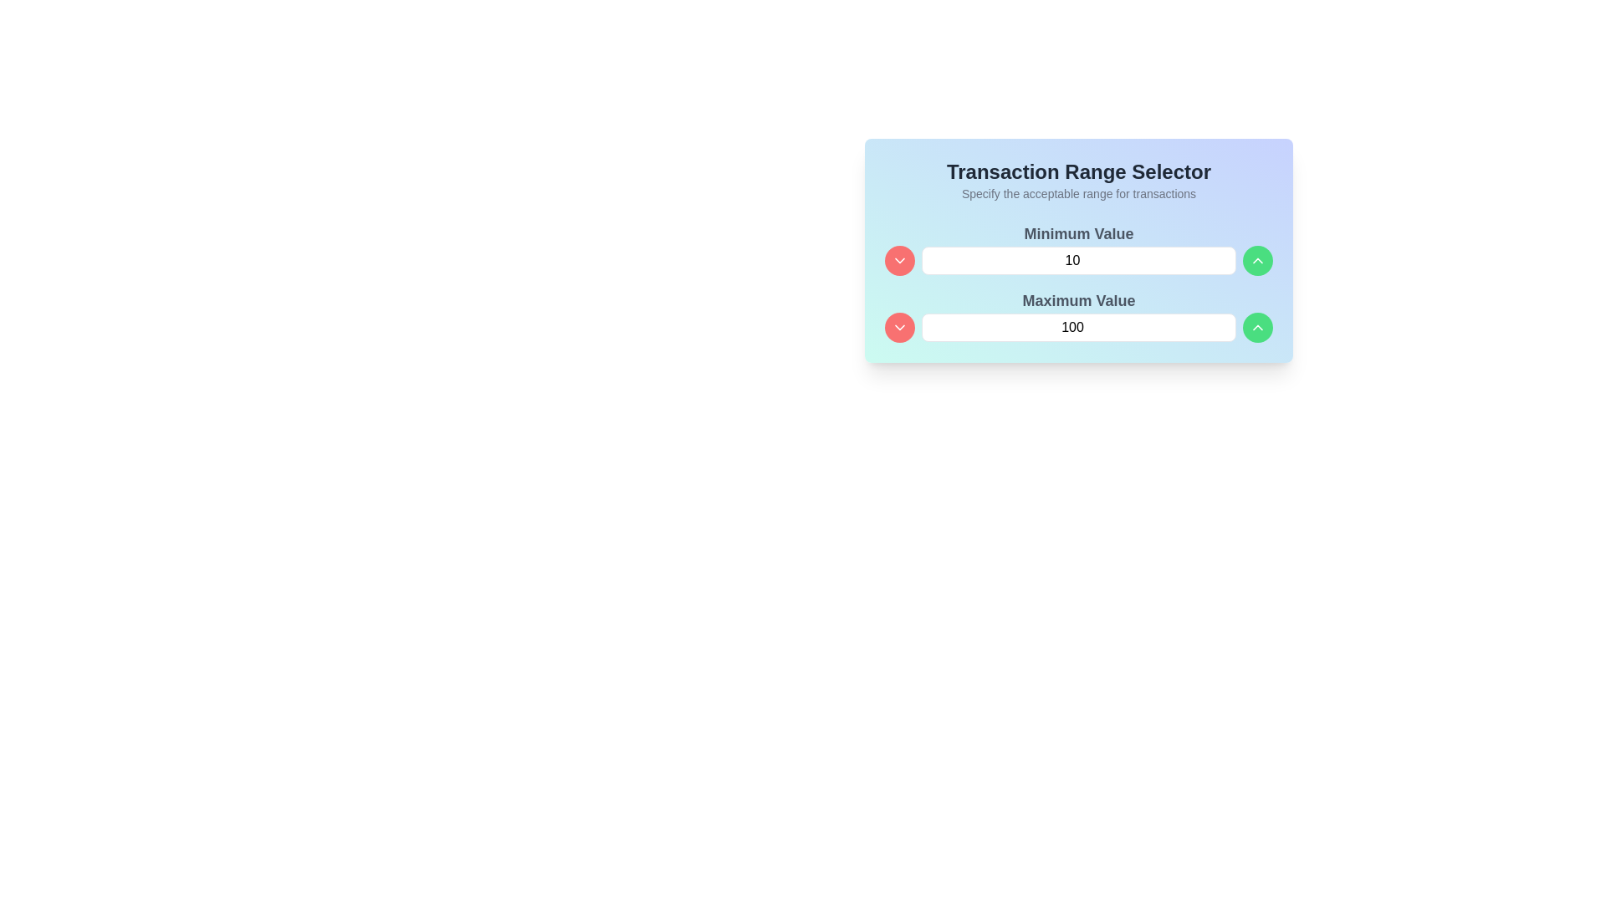  Describe the element at coordinates (1079, 316) in the screenshot. I see `the 'Maximum Value' labeled numerical input field` at that location.